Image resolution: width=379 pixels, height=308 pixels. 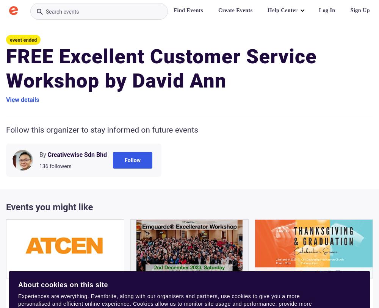 I want to click on 'Log In', so click(x=326, y=10).